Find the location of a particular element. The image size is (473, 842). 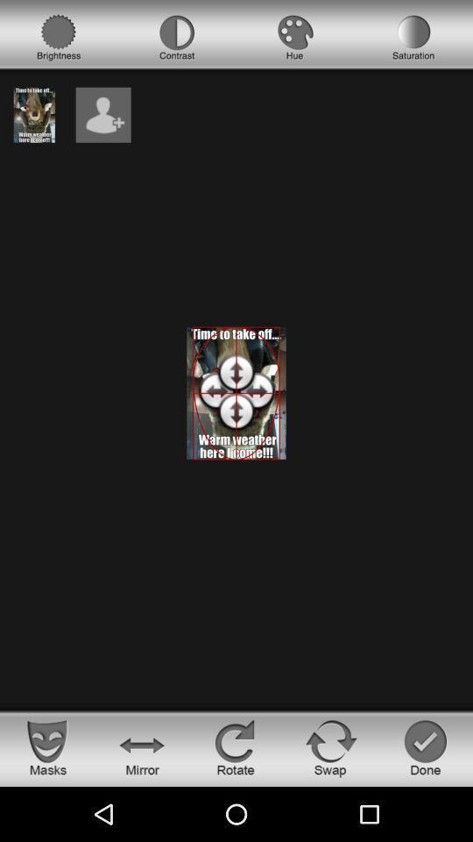

the follow icon is located at coordinates (103, 114).